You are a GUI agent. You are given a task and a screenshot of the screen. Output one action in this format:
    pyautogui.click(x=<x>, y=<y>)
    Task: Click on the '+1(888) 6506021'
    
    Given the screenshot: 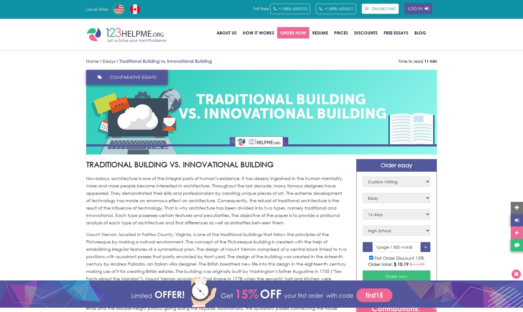 What is the action you would take?
    pyautogui.click(x=338, y=8)
    